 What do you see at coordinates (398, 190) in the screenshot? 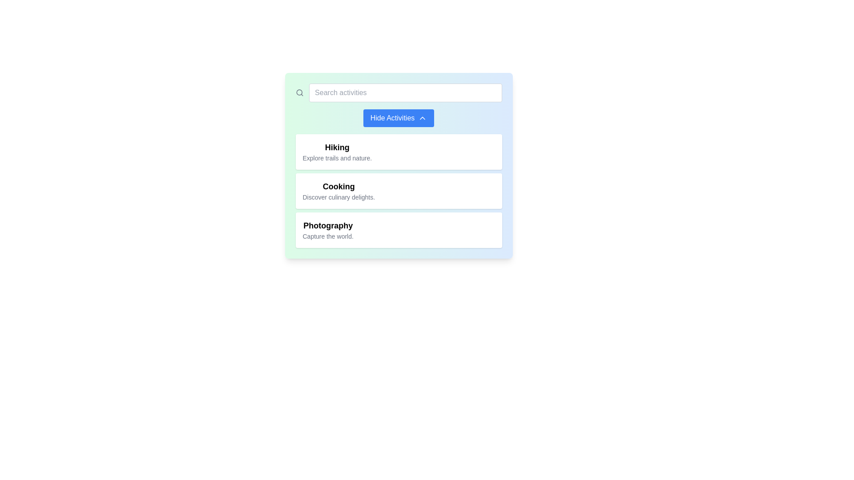
I see `the highlighted list item 'Cooking'` at bounding box center [398, 190].